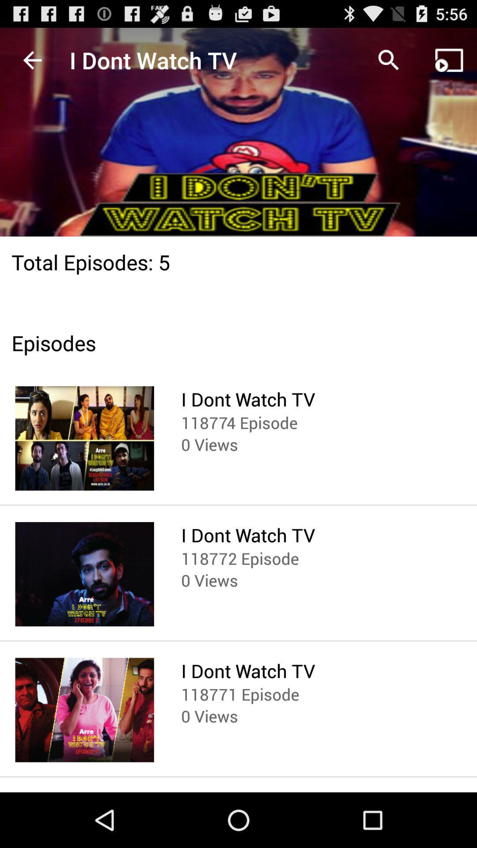 The height and width of the screenshot is (848, 477). Describe the element at coordinates (449, 60) in the screenshot. I see `icon which is after search icon on the page` at that location.